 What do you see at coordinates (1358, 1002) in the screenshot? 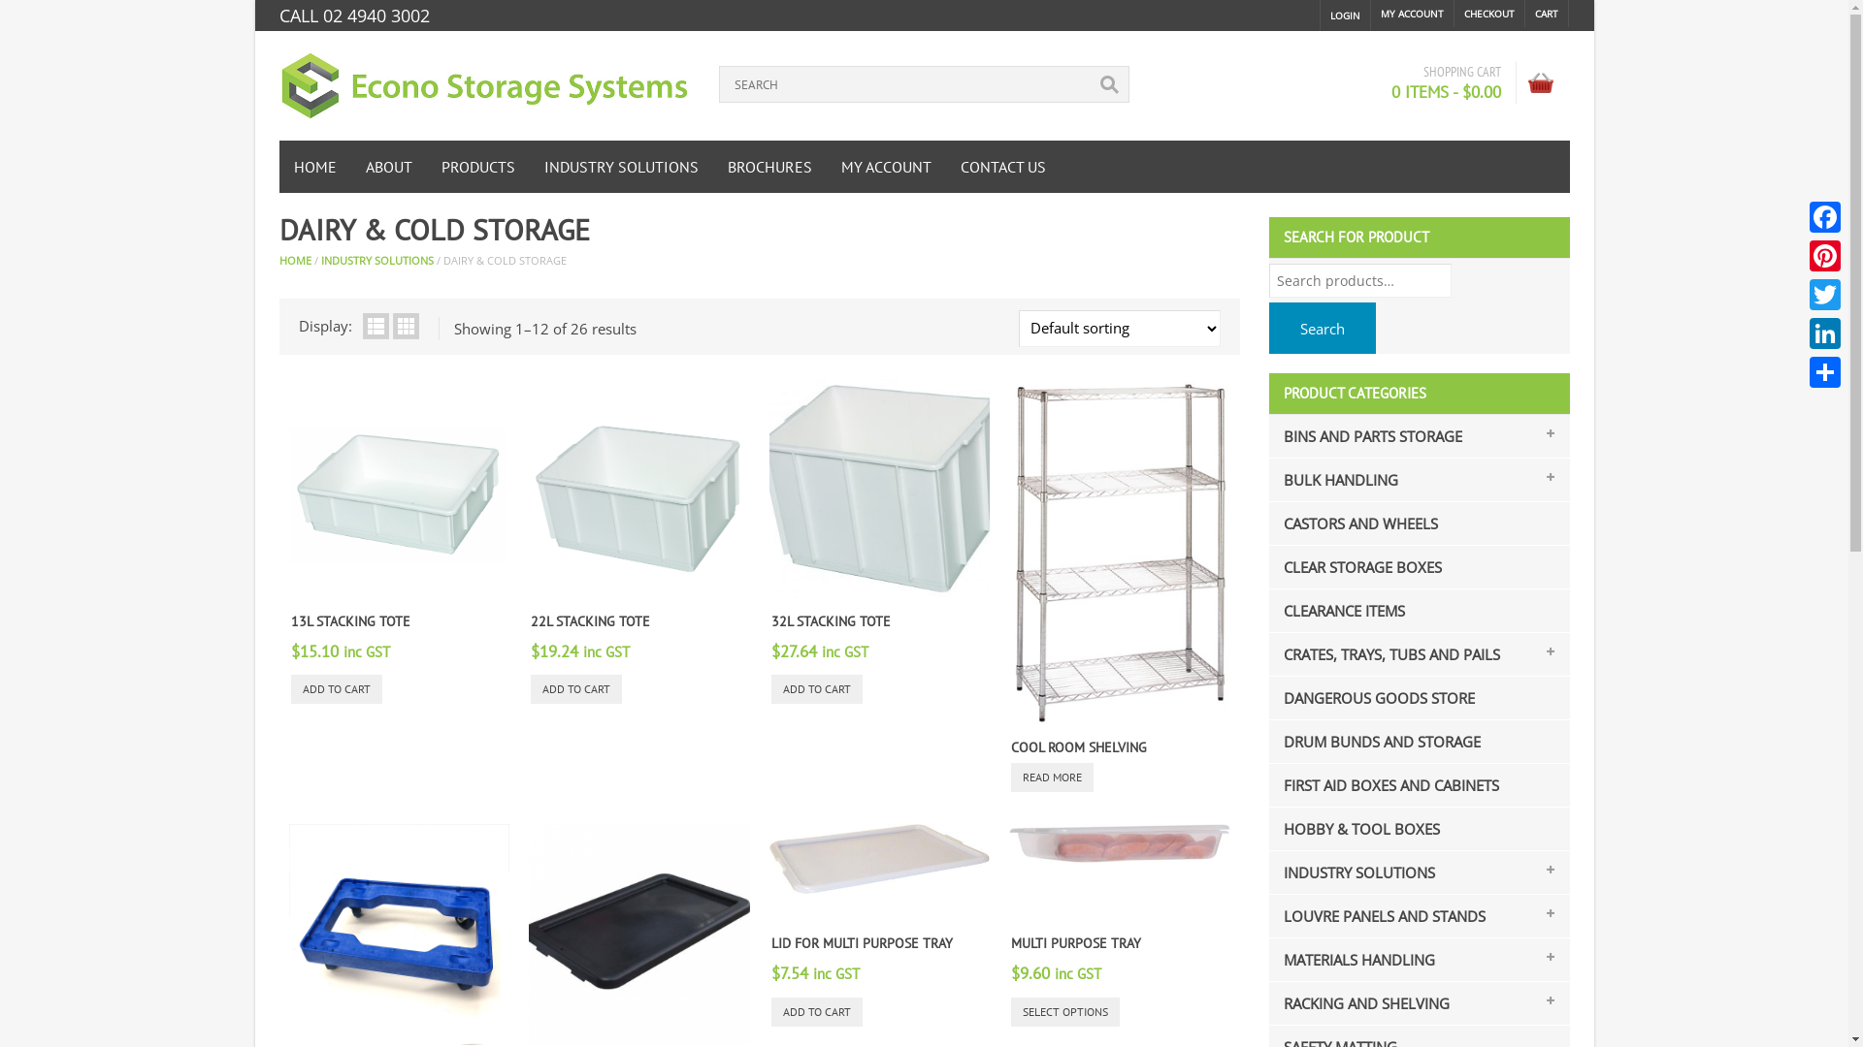
I see `'RACKING AND SHELVING'` at bounding box center [1358, 1002].